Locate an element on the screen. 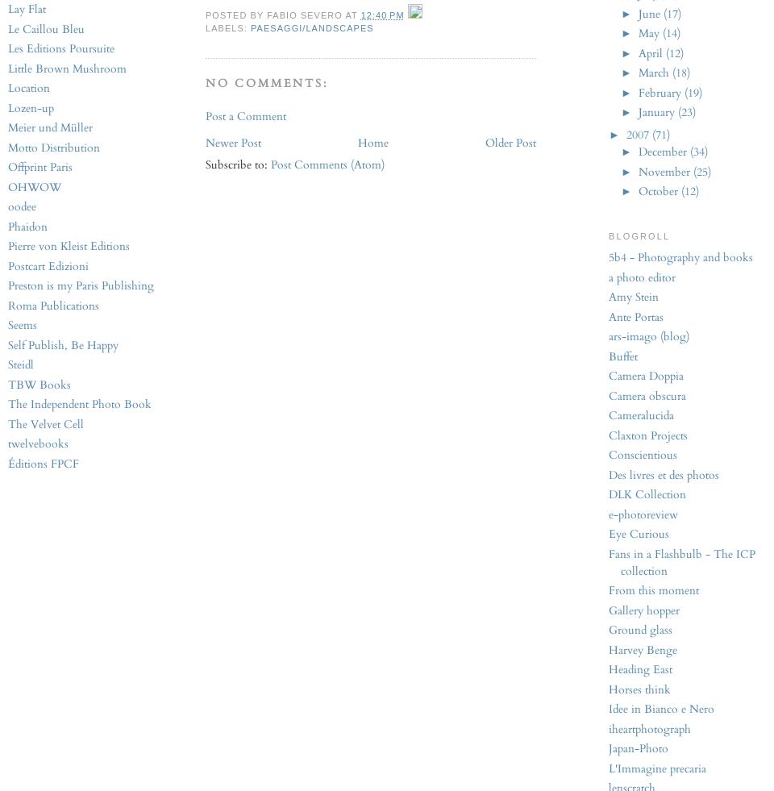 The image size is (774, 791). 'Cameralucida' is located at coordinates (641, 415).